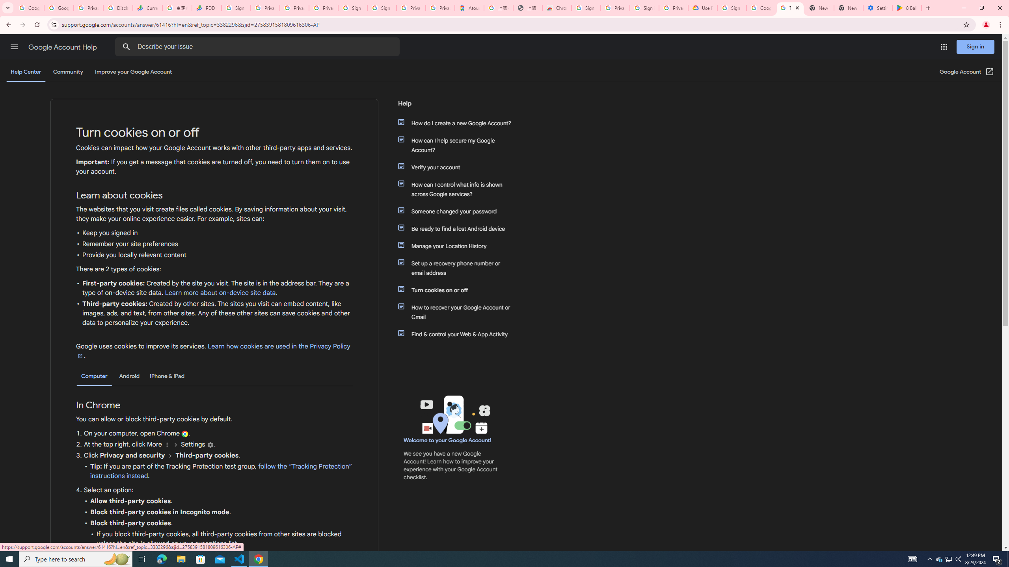 Image resolution: width=1009 pixels, height=567 pixels. What do you see at coordinates (458, 290) in the screenshot?
I see `'Turn cookies on or off'` at bounding box center [458, 290].